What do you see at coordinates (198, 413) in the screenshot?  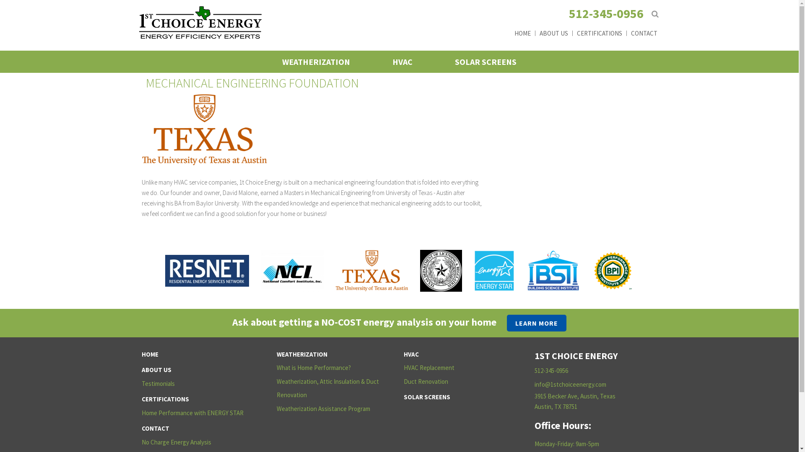 I see `'Home Performance with ENERGY STAR'` at bounding box center [198, 413].